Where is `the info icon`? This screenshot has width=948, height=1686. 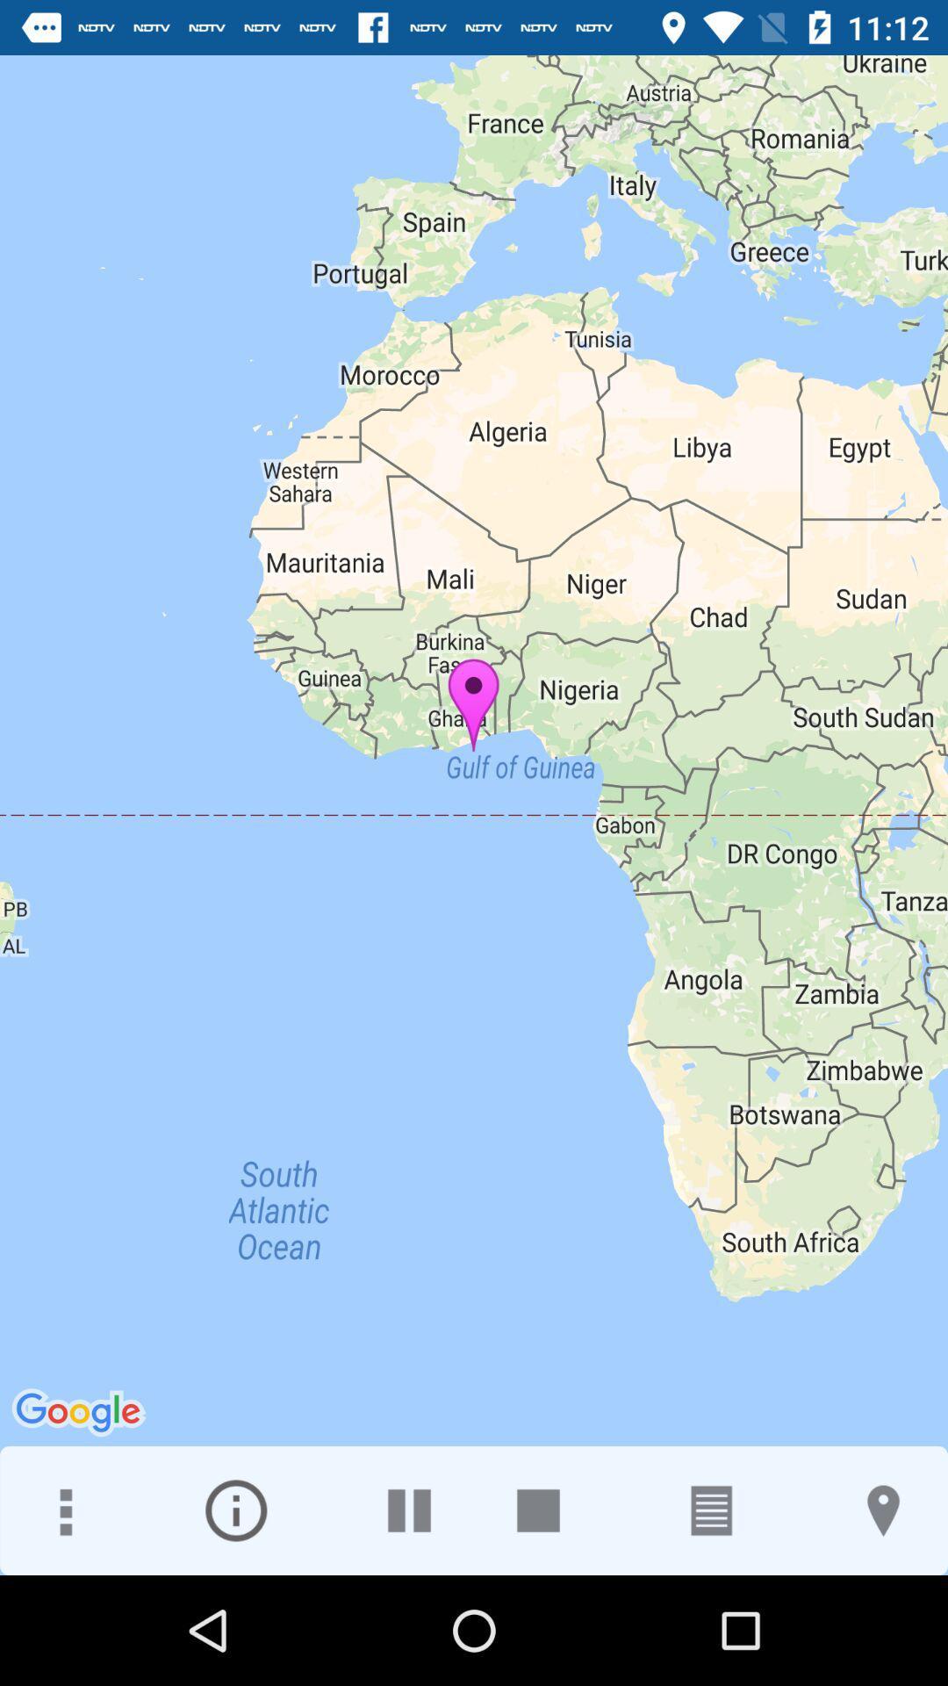 the info icon is located at coordinates (235, 1509).